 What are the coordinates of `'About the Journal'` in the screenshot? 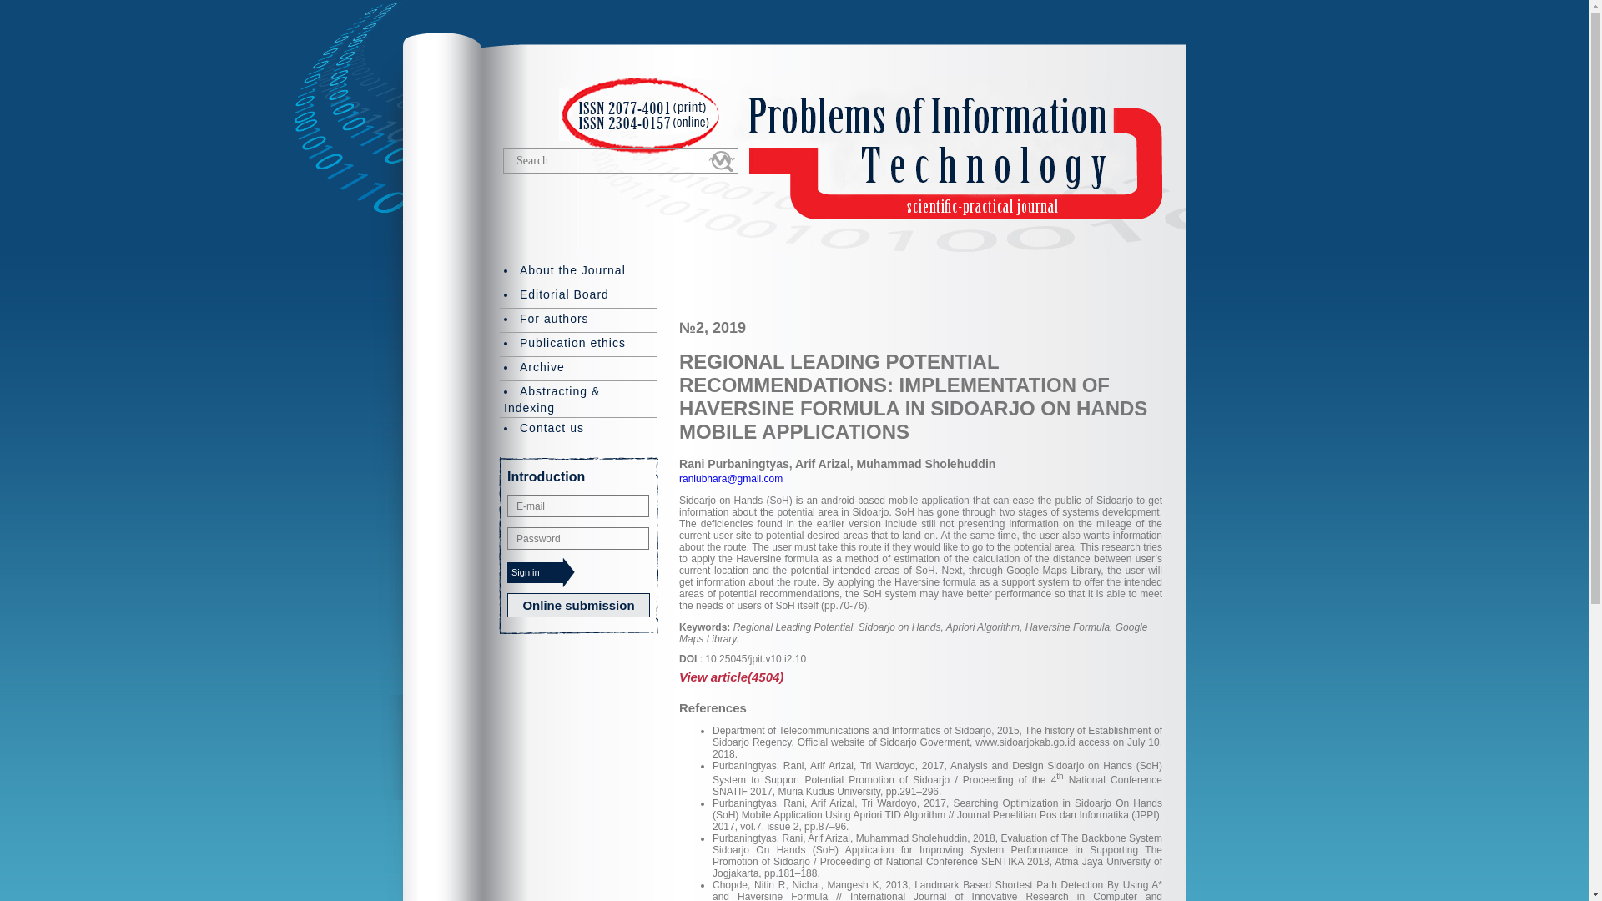 It's located at (578, 270).